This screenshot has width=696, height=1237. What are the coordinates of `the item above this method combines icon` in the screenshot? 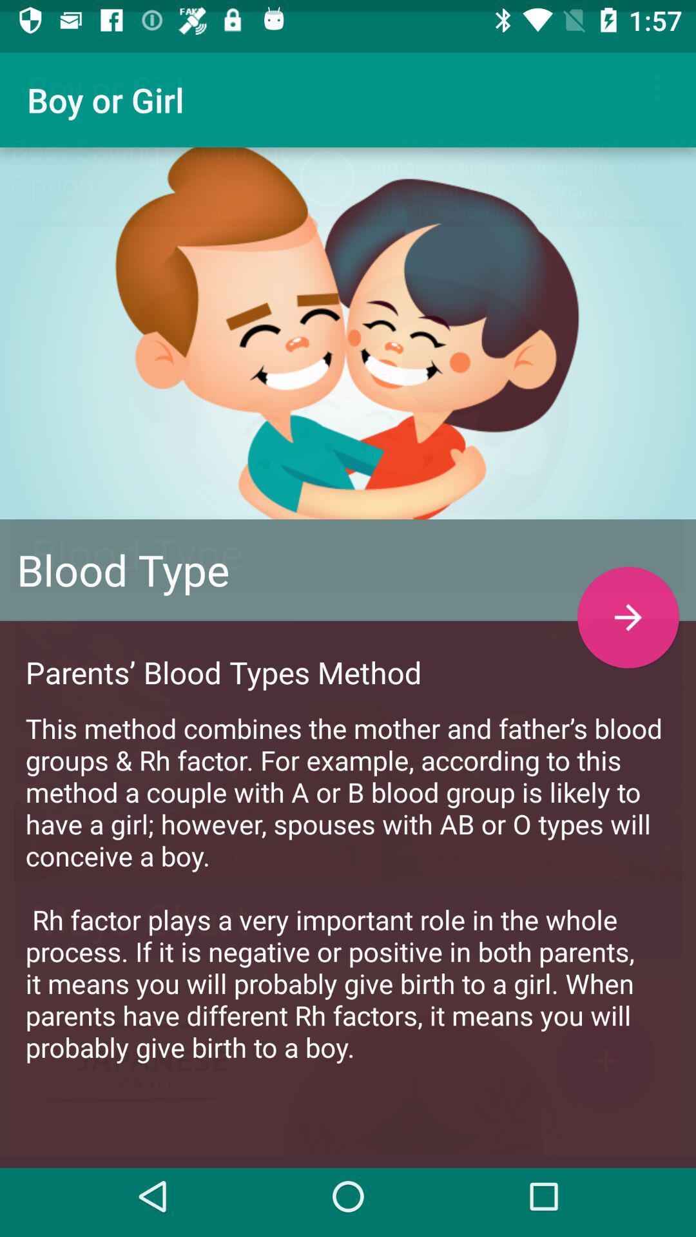 It's located at (628, 604).